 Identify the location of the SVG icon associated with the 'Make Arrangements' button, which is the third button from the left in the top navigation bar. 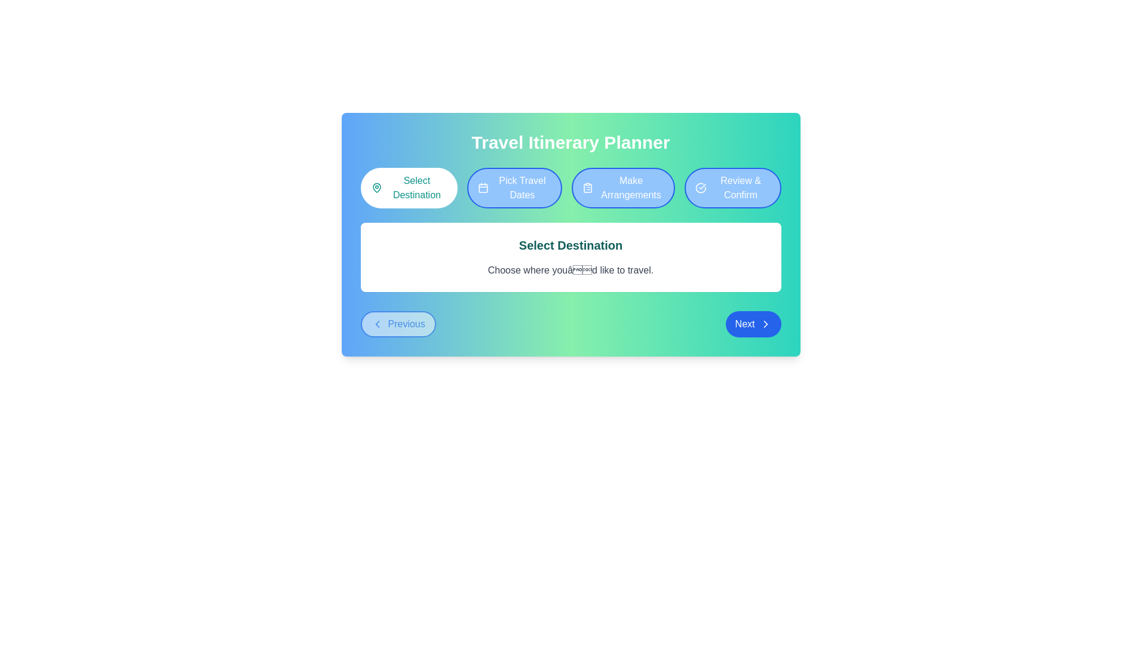
(587, 188).